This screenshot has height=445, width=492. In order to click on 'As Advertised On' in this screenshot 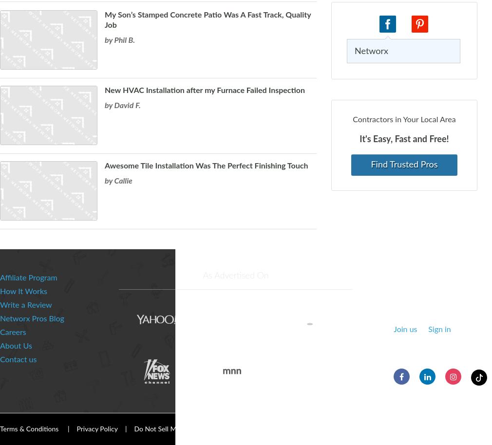, I will do `click(235, 276)`.